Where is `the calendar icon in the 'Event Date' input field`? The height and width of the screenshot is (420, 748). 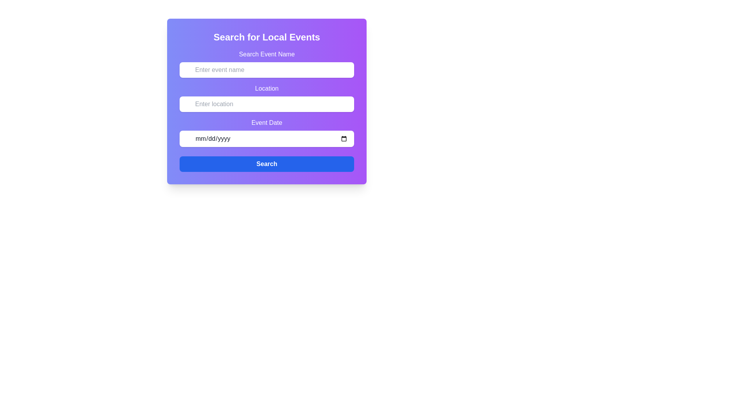 the calendar icon in the 'Event Date' input field is located at coordinates (267, 132).